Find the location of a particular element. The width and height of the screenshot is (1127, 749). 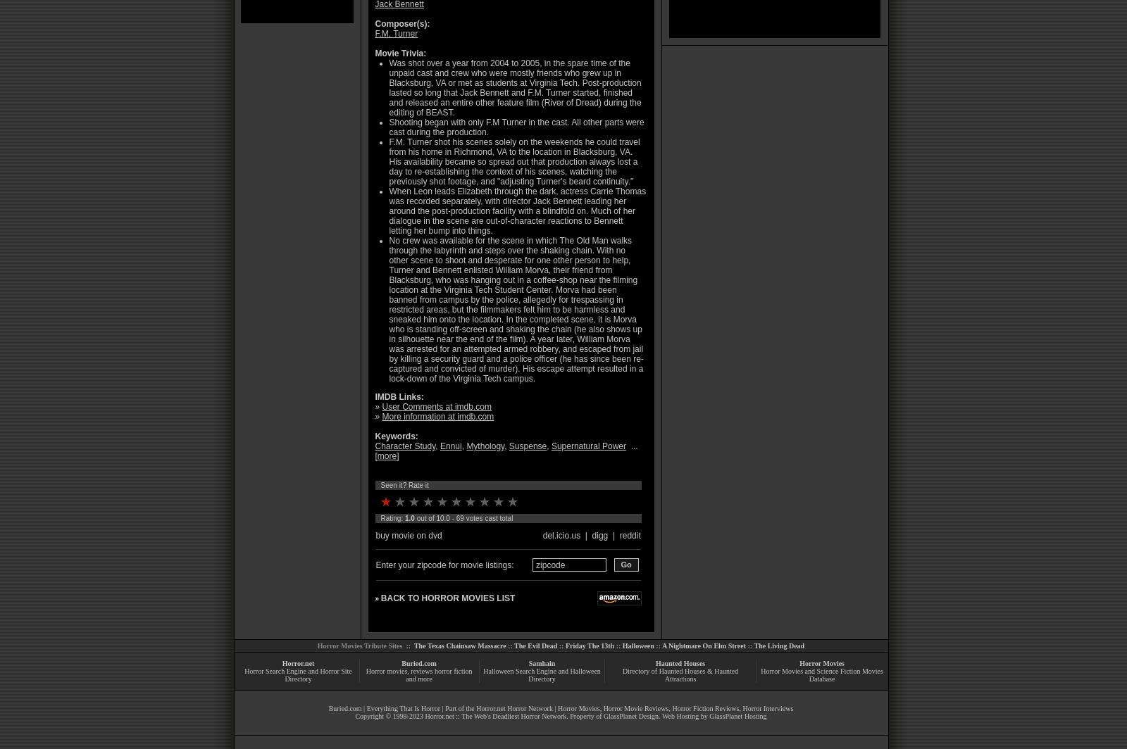

'Horror Search Engine and Horror Site Directory' is located at coordinates (297, 674).